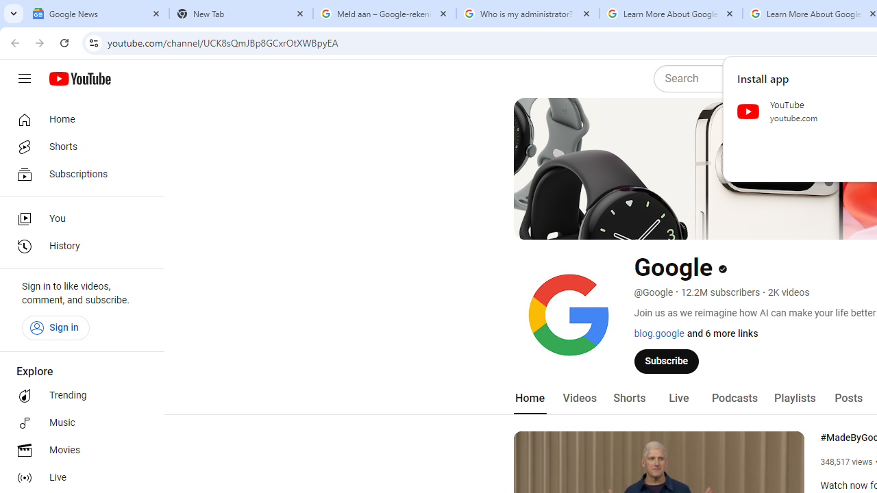 This screenshot has height=493, width=877. I want to click on 'Who is my administrator? - Google Account Help', so click(527, 14).